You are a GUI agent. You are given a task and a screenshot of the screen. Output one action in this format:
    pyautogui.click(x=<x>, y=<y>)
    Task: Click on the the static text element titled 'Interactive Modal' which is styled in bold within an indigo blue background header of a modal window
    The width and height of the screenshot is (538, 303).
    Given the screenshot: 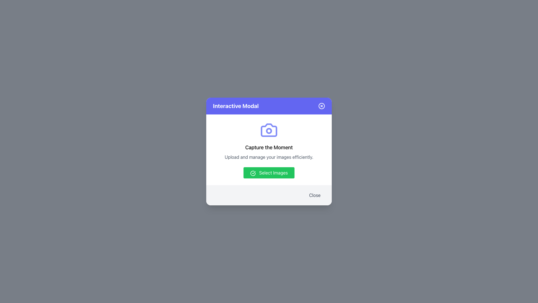 What is the action you would take?
    pyautogui.click(x=236, y=106)
    